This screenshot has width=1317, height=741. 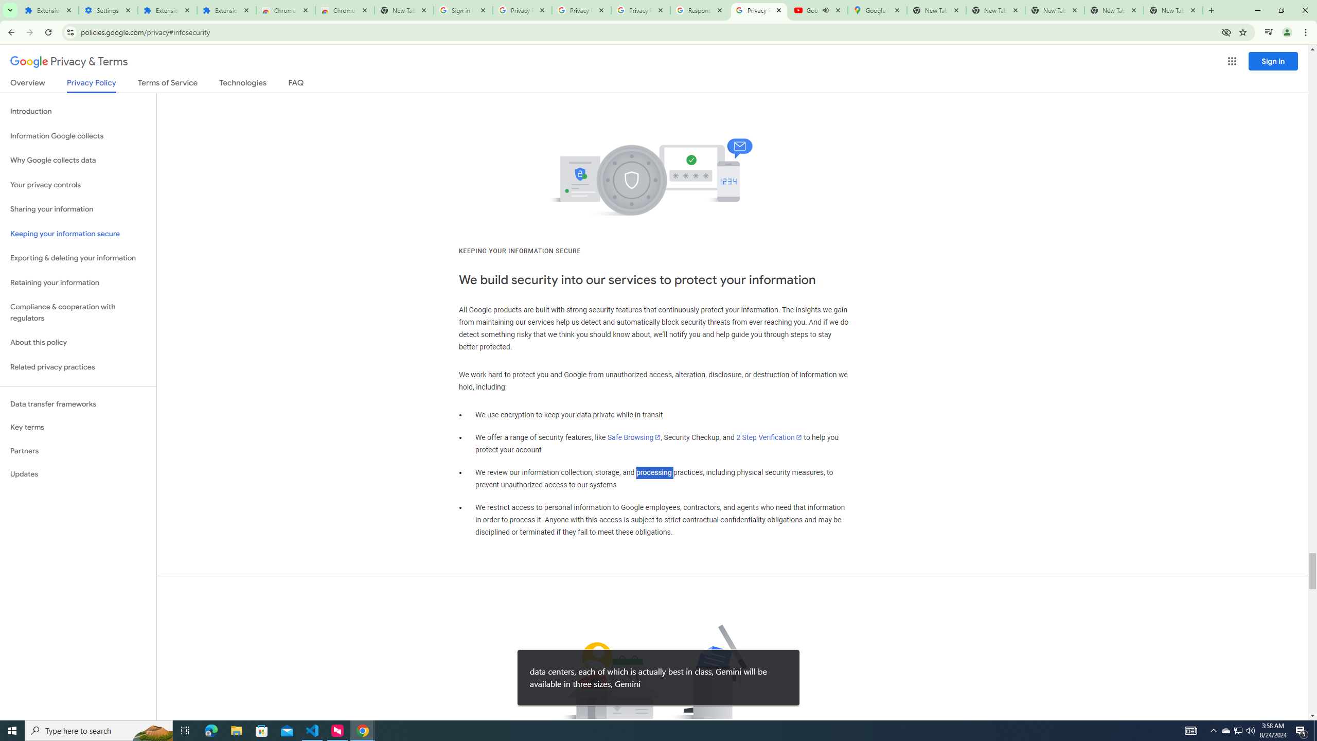 I want to click on 'Related privacy practices', so click(x=78, y=366).